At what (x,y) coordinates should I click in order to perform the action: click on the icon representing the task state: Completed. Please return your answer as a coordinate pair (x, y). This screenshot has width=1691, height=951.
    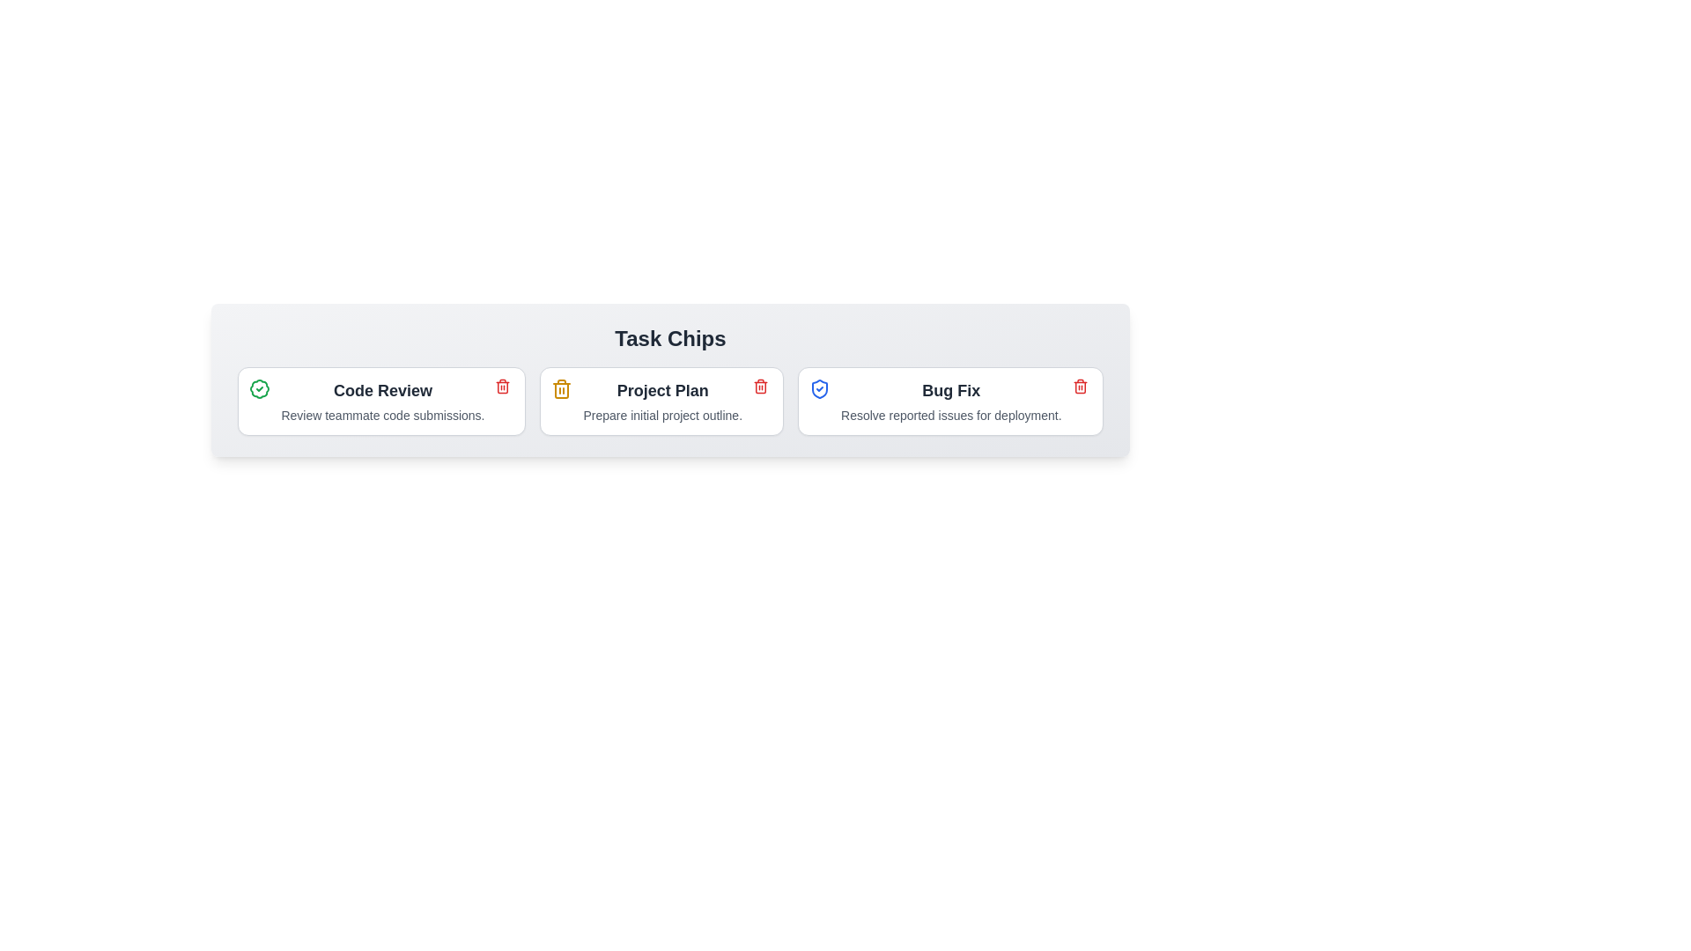
    Looking at the image, I should click on (259, 388).